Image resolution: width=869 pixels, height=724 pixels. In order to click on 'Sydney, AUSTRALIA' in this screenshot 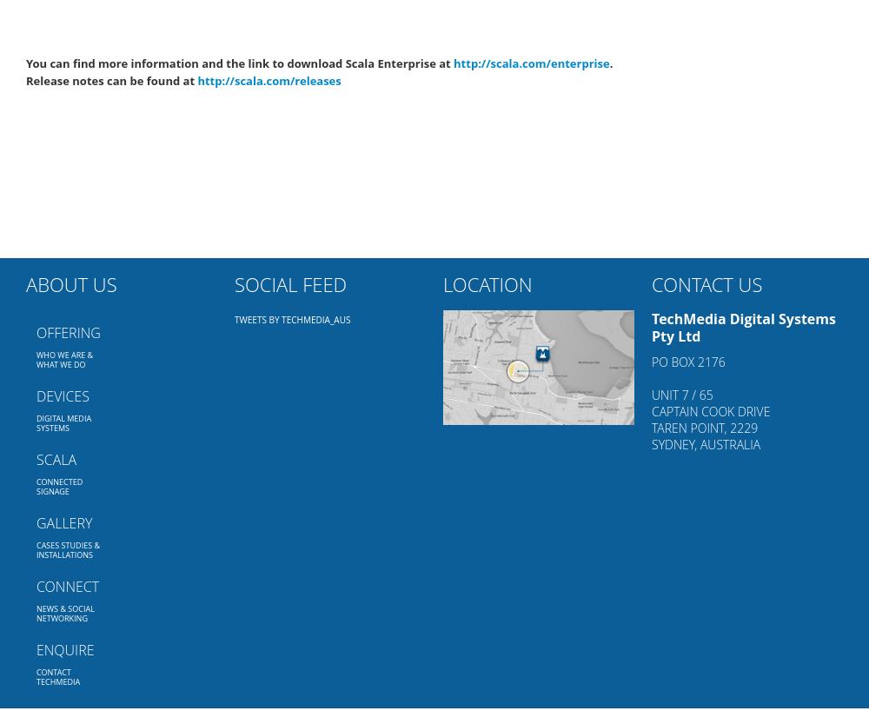, I will do `click(706, 444)`.